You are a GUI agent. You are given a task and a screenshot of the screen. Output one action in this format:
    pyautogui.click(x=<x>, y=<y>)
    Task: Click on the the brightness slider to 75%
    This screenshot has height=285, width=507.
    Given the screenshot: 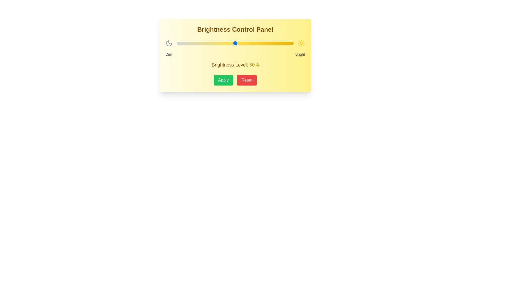 What is the action you would take?
    pyautogui.click(x=264, y=43)
    